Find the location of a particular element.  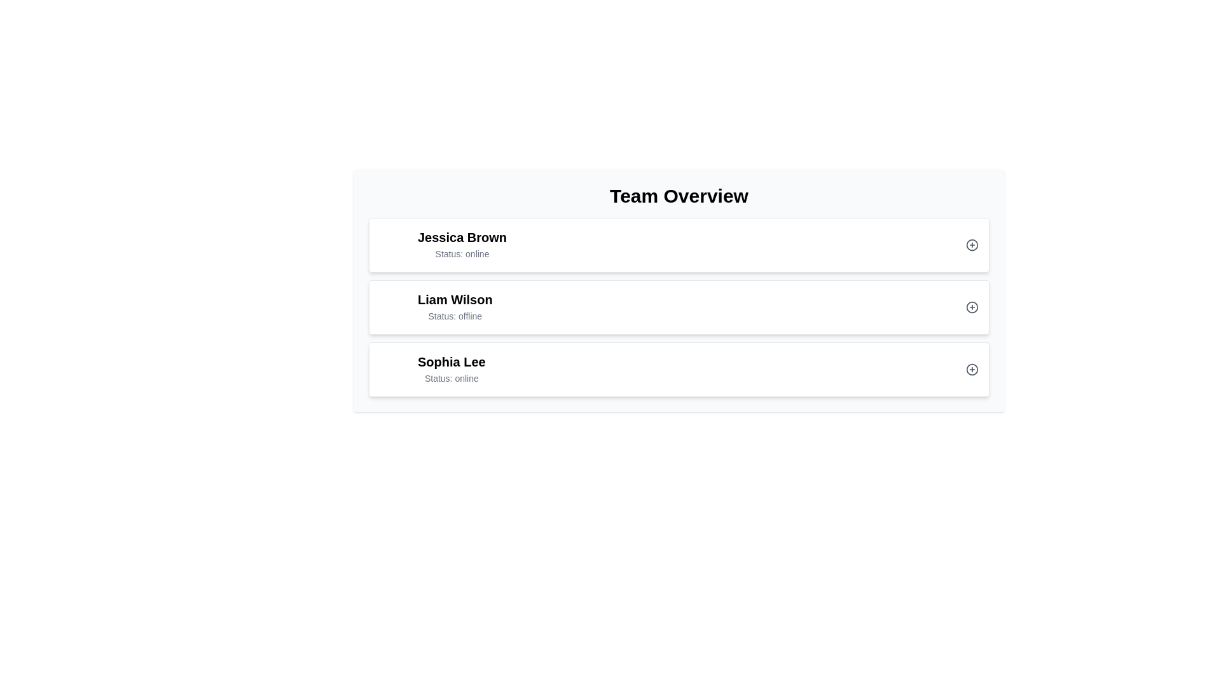

the small circular button with a plus icon located on the far right side of the element displaying 'Jessica Brown' and 'Status: online' is located at coordinates (972, 245).